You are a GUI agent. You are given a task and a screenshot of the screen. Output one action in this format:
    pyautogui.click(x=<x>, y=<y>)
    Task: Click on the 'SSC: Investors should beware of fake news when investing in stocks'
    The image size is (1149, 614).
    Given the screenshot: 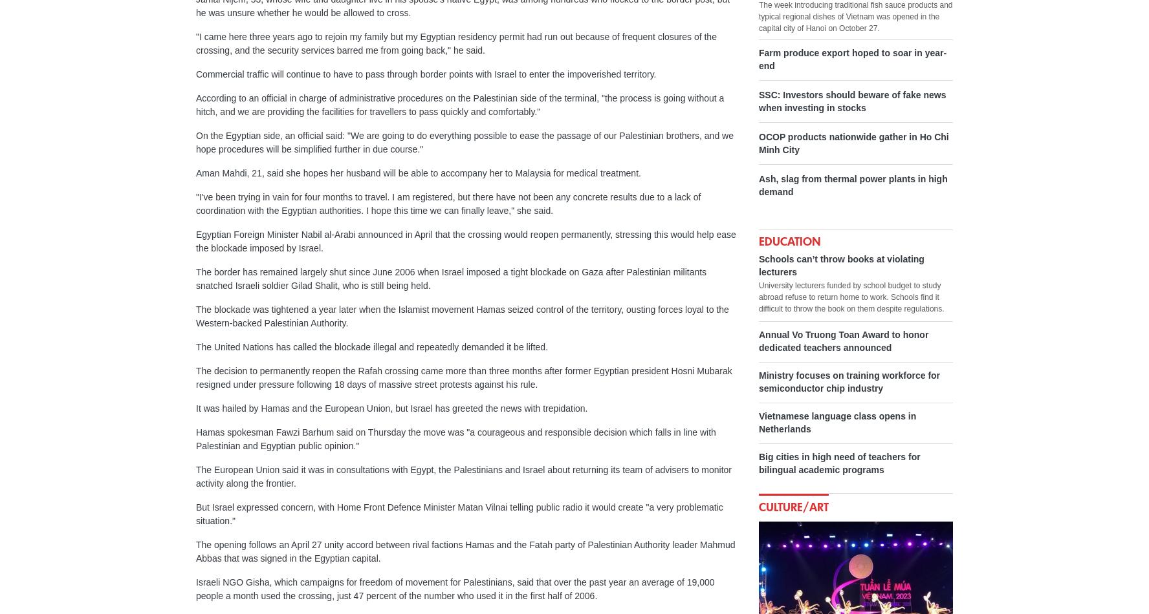 What is the action you would take?
    pyautogui.click(x=852, y=101)
    